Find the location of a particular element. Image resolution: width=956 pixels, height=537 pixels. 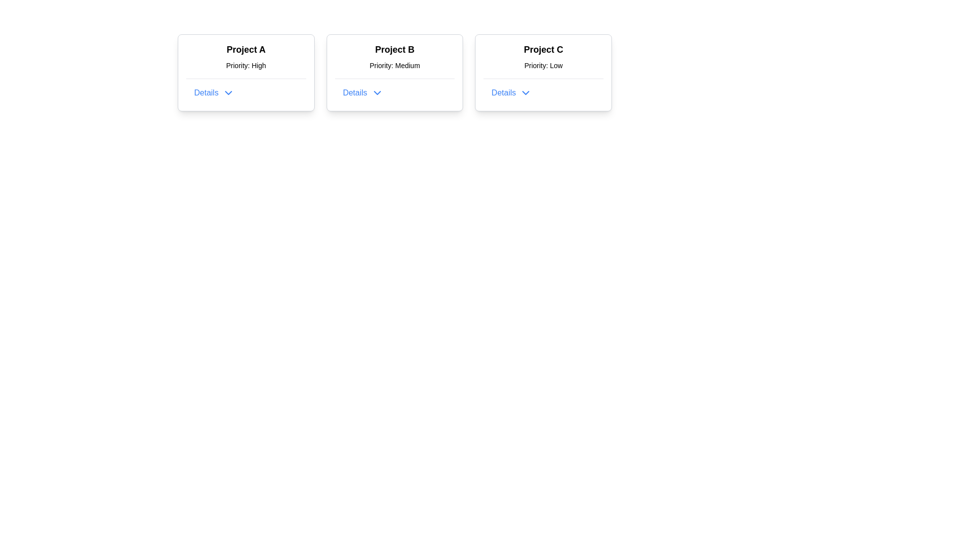

the informational label that displays the priority level for 'Project B', located between the title 'Project B' and the 'Details' button in the center card of the three-card layout is located at coordinates (394, 65).